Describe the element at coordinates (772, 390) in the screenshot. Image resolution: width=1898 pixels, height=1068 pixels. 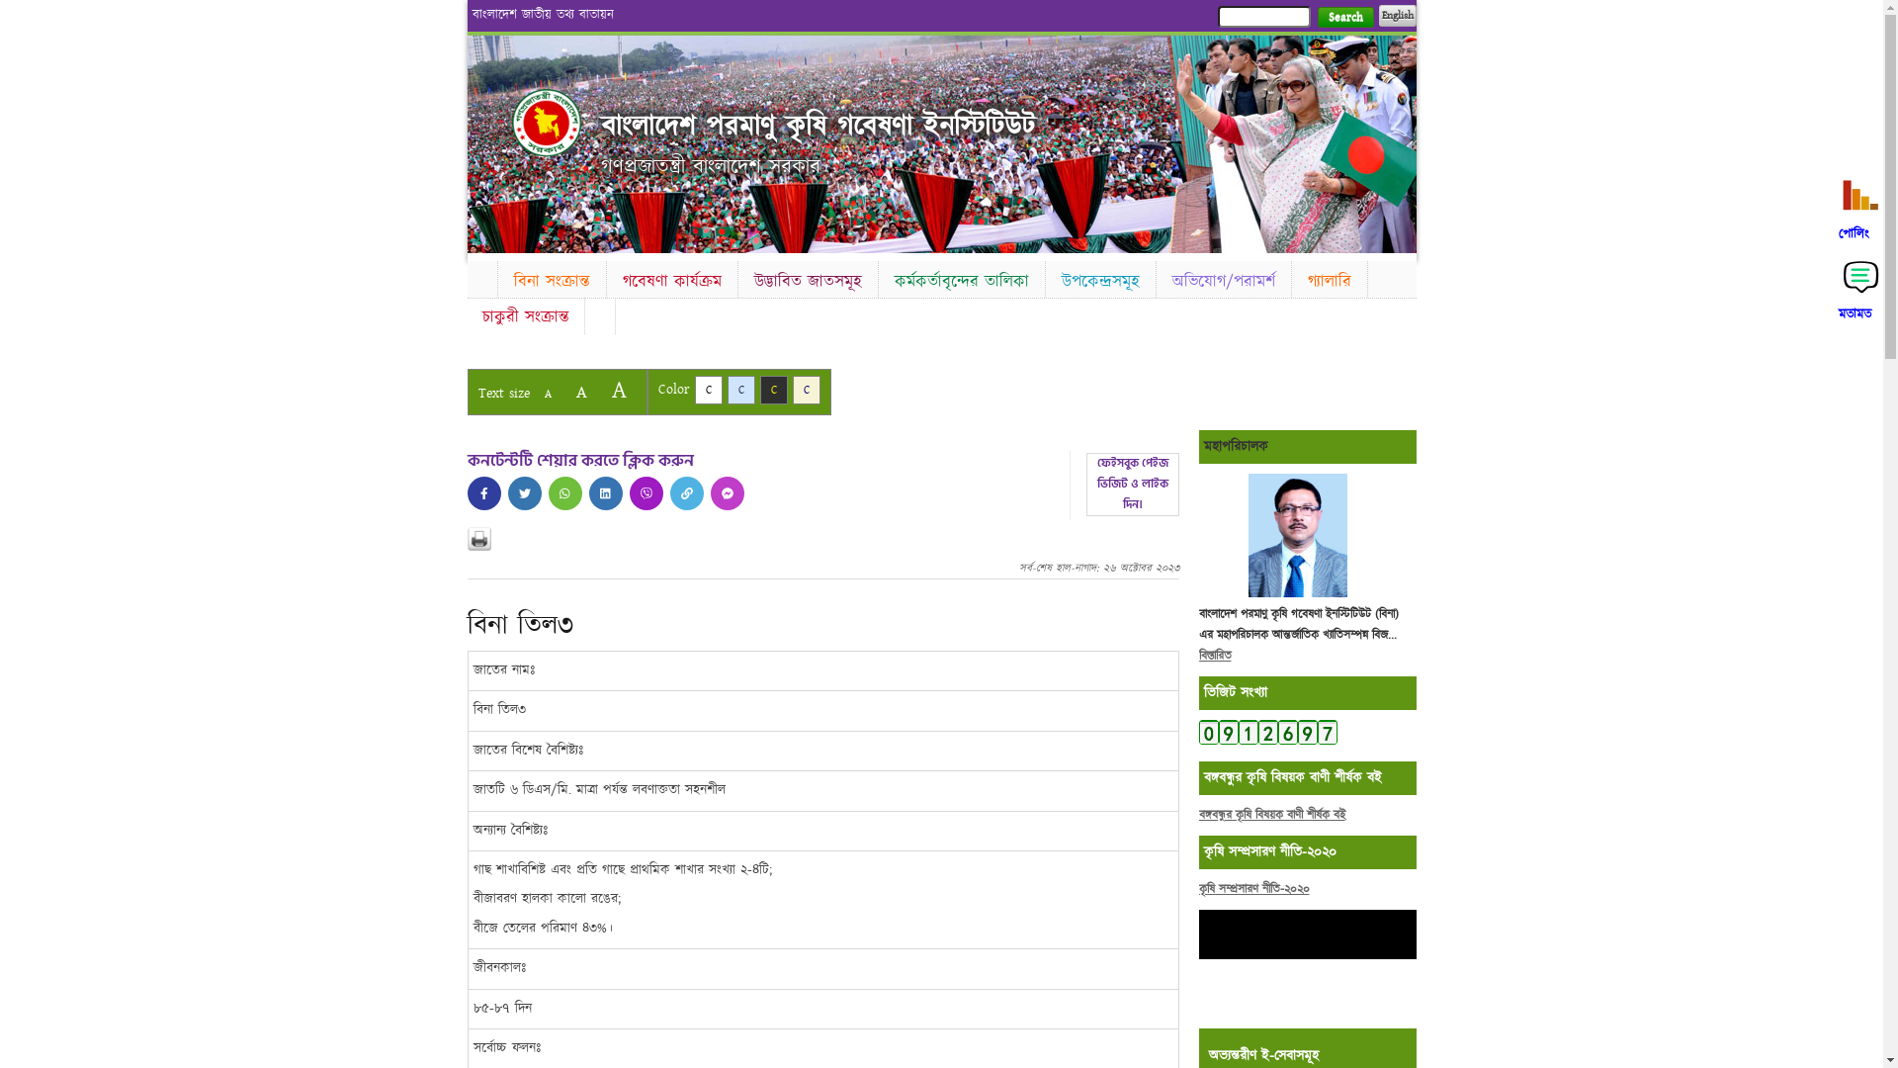
I see `'C'` at that location.